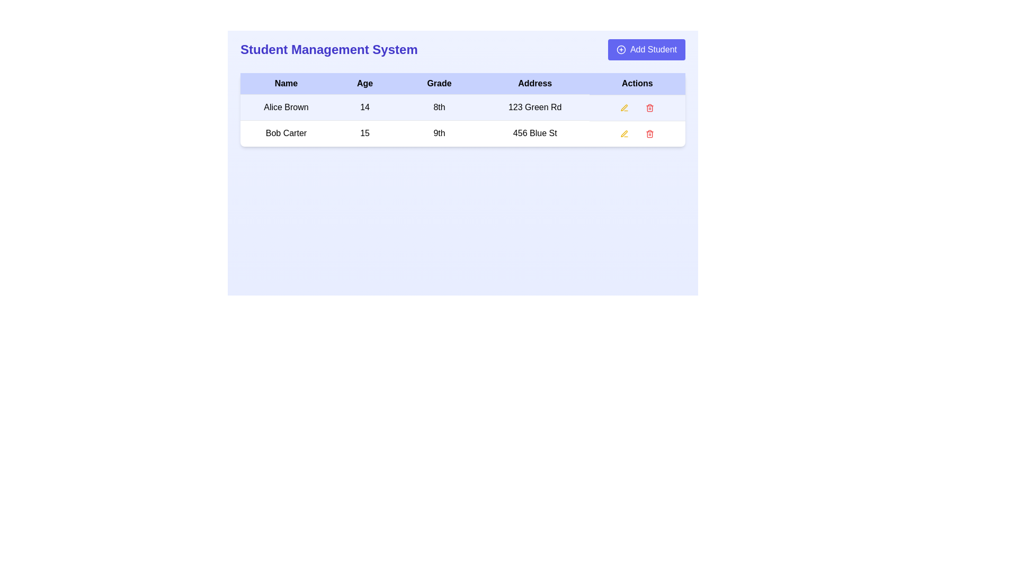 This screenshot has height=572, width=1017. What do you see at coordinates (439, 108) in the screenshot?
I see `grade level information for the student 'Alice Brown' located in the third column of the first row of the table under the 'Grade' column` at bounding box center [439, 108].